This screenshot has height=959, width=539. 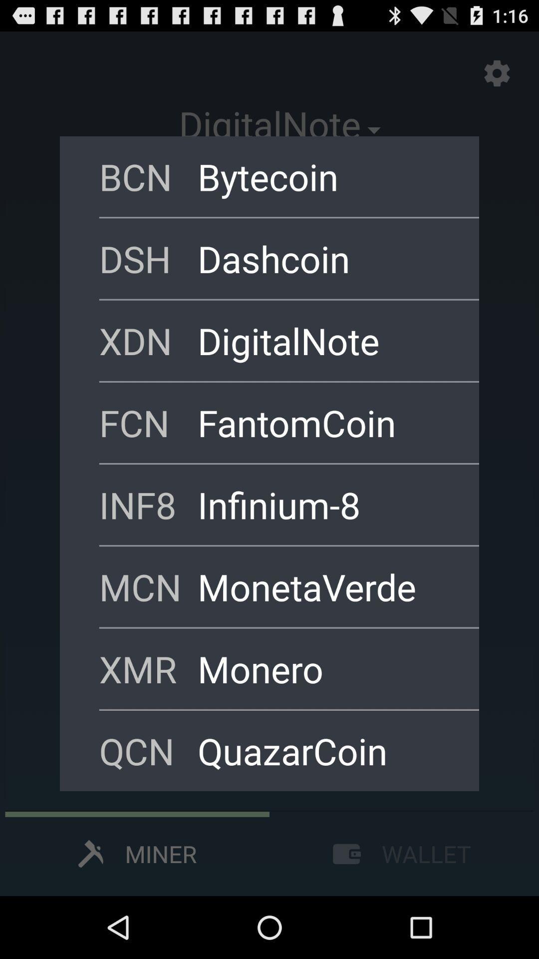 What do you see at coordinates (148, 341) in the screenshot?
I see `the xdn` at bounding box center [148, 341].